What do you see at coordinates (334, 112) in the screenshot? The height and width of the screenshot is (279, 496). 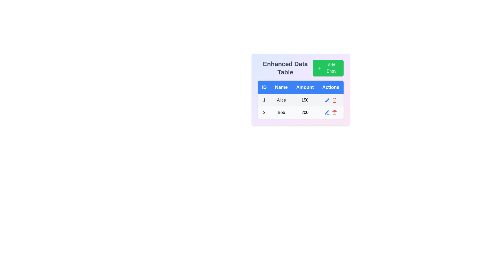 I see `the red trash can icon in the Actions column of the second row to initiate a delete action` at bounding box center [334, 112].